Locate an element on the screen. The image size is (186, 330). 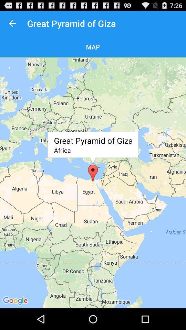
item next to great pyramid of item is located at coordinates (12, 23).